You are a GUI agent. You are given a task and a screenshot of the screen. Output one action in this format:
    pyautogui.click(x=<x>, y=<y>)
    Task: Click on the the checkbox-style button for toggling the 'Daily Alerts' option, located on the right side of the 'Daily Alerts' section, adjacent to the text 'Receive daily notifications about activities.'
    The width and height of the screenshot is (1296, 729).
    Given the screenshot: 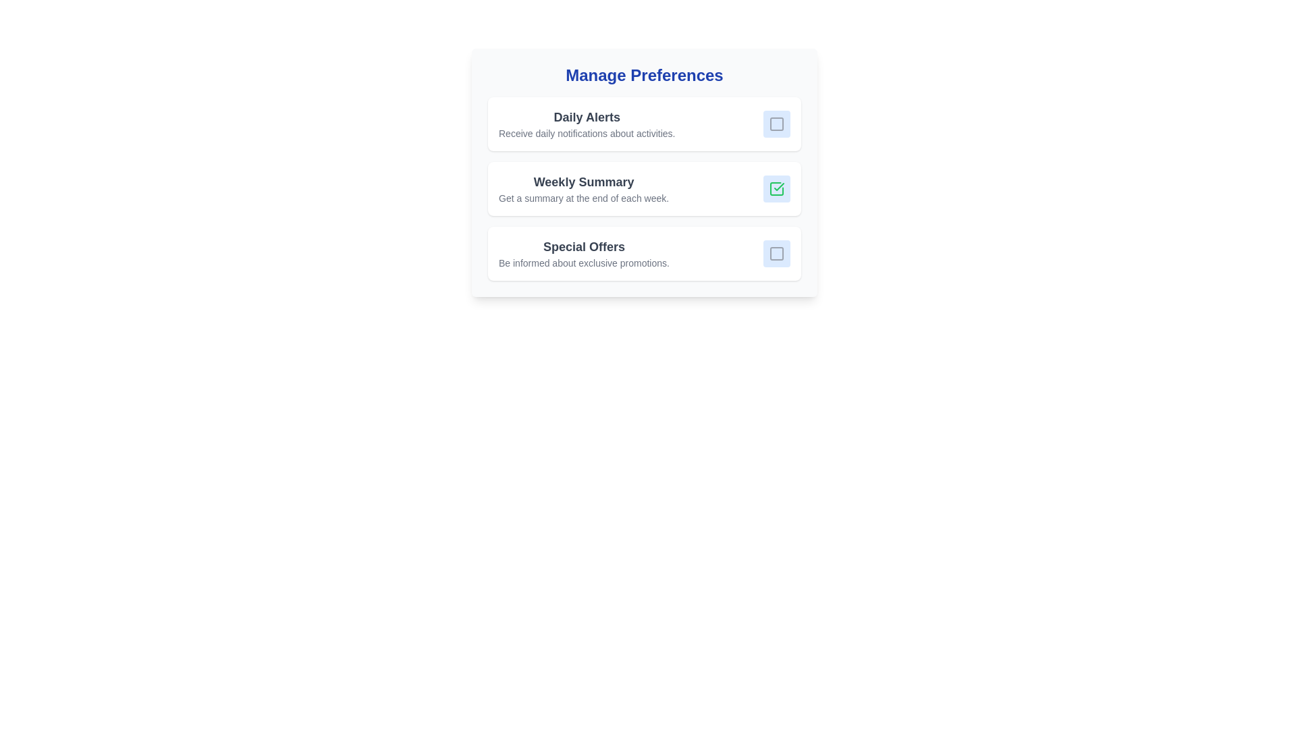 What is the action you would take?
    pyautogui.click(x=777, y=124)
    